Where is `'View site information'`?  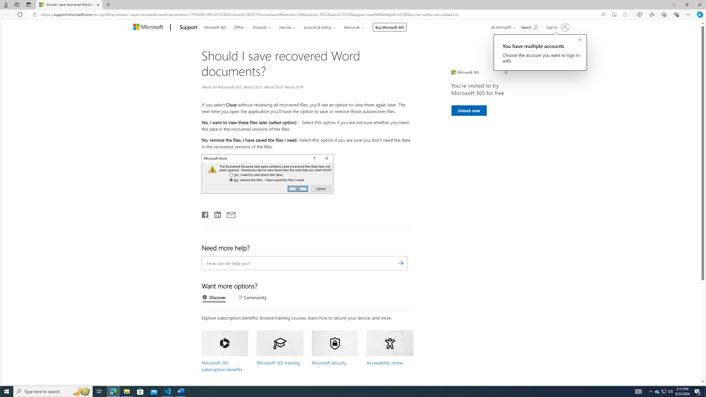 'View site information' is located at coordinates (34, 15).